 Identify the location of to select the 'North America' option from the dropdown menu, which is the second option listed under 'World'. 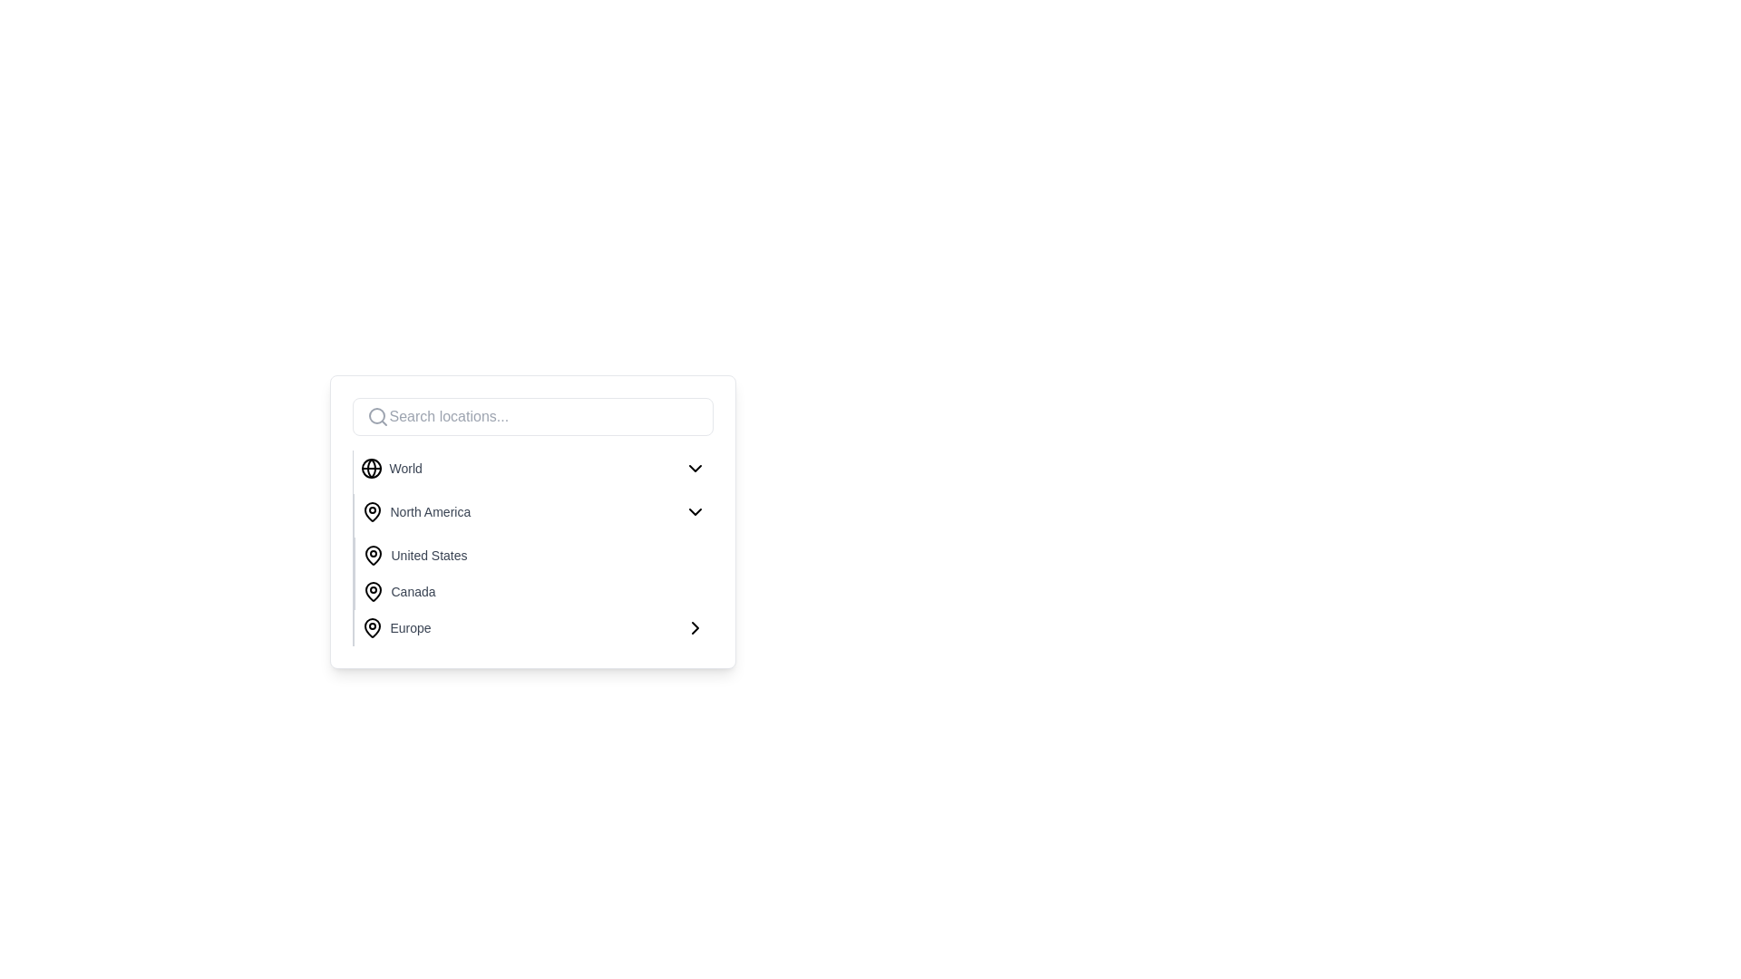
(532, 511).